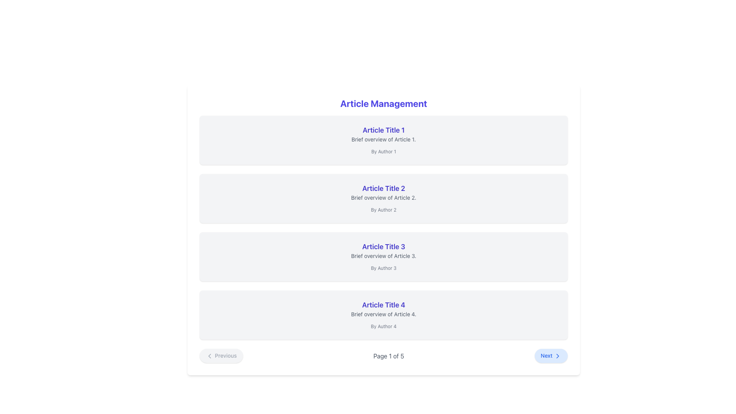 The width and height of the screenshot is (736, 414). I want to click on the text label UI component that serves as the title of the content card, which is prominently styled and located at the first line of text within the card, so click(384, 304).